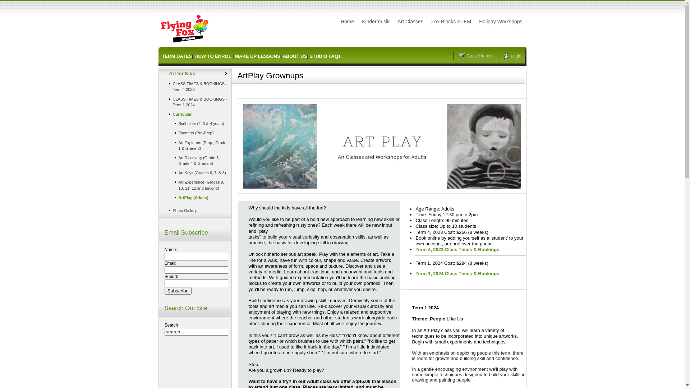  Describe the element at coordinates (195, 102) in the screenshot. I see `'CLASS TIMES & BOOKINGS - Term 1 2024'` at that location.